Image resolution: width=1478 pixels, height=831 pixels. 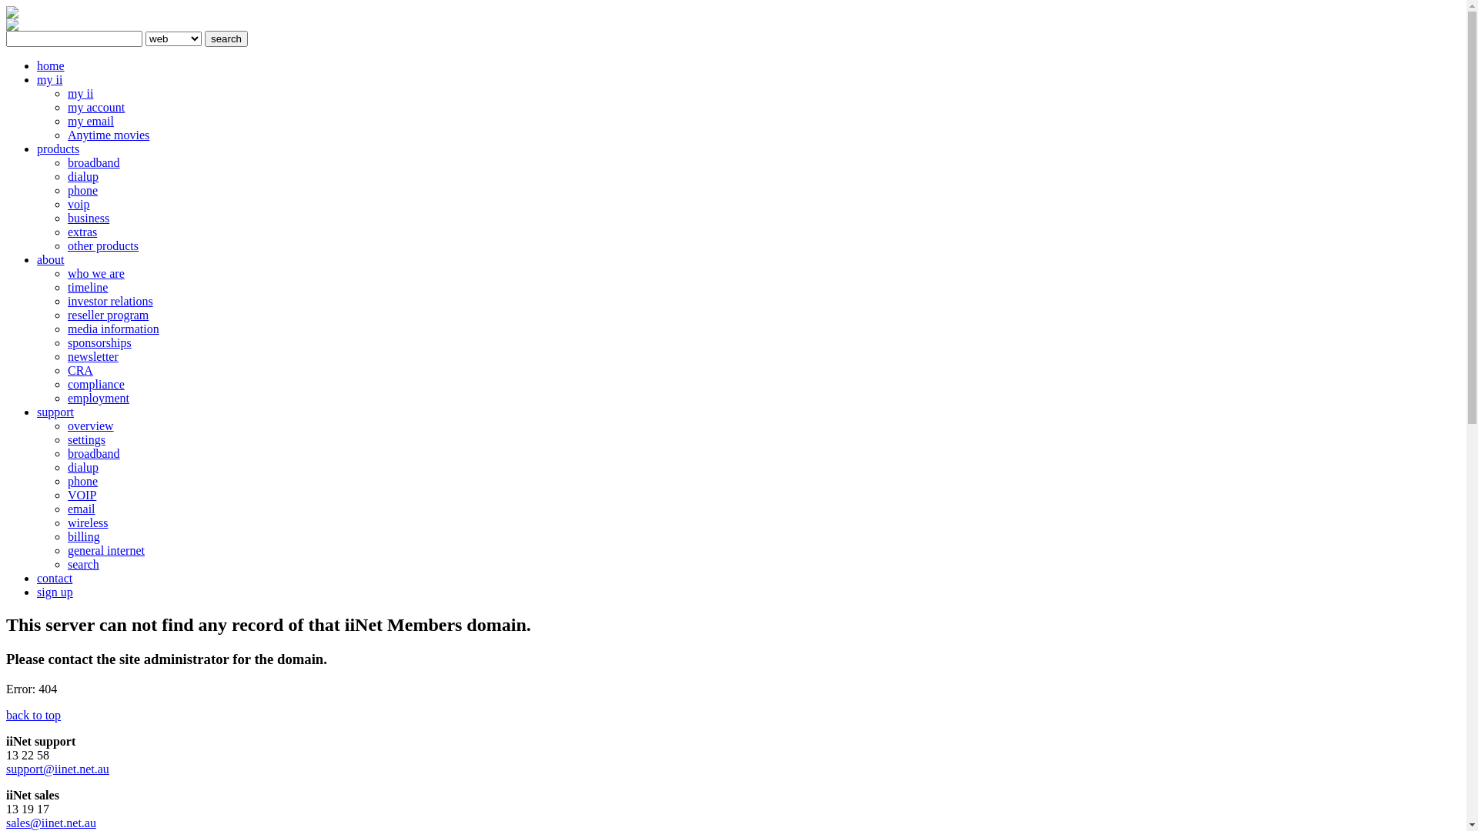 What do you see at coordinates (51, 259) in the screenshot?
I see `'about'` at bounding box center [51, 259].